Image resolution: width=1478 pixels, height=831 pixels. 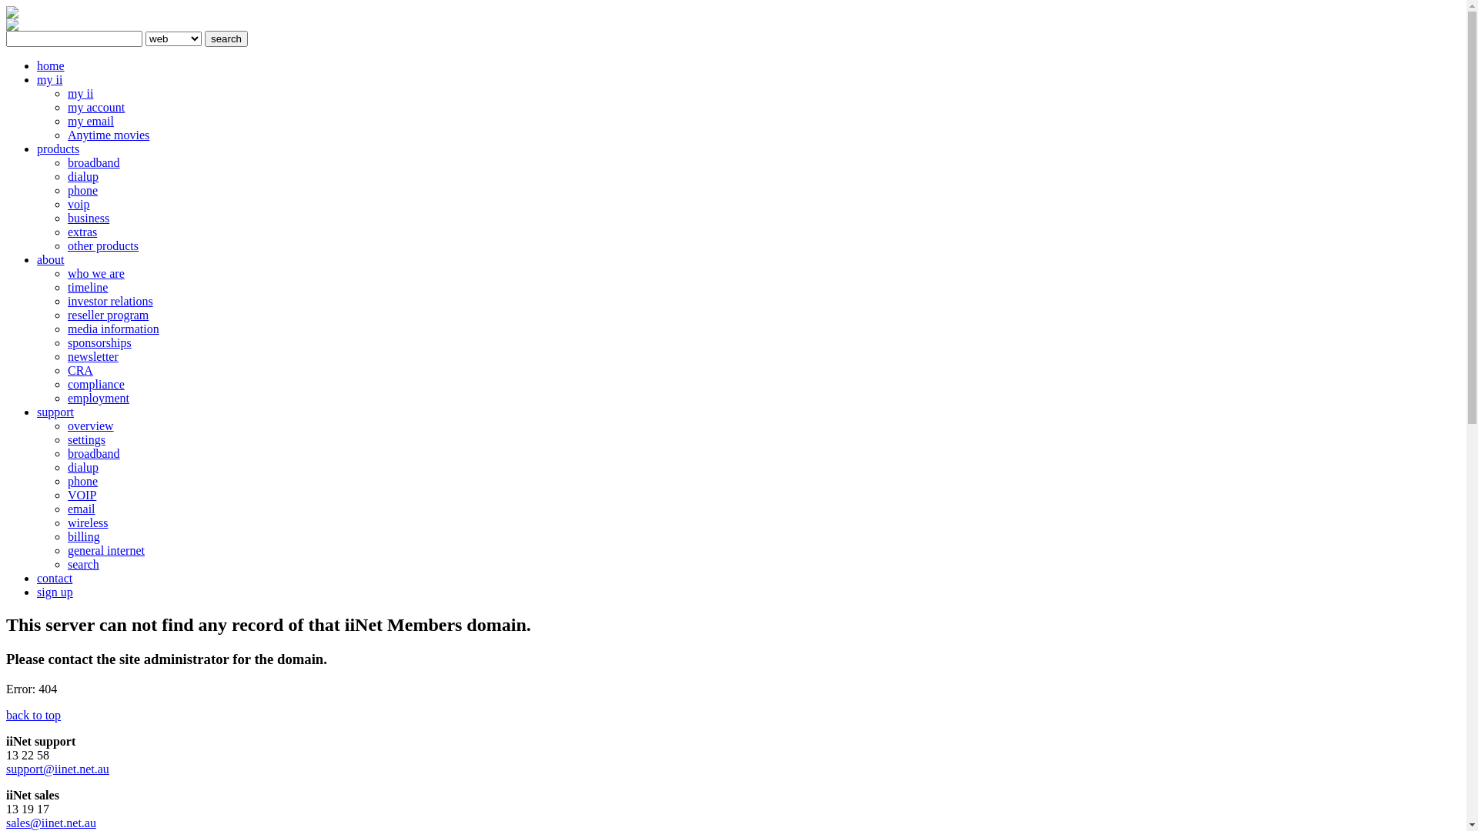 What do you see at coordinates (51, 259) in the screenshot?
I see `'about'` at bounding box center [51, 259].